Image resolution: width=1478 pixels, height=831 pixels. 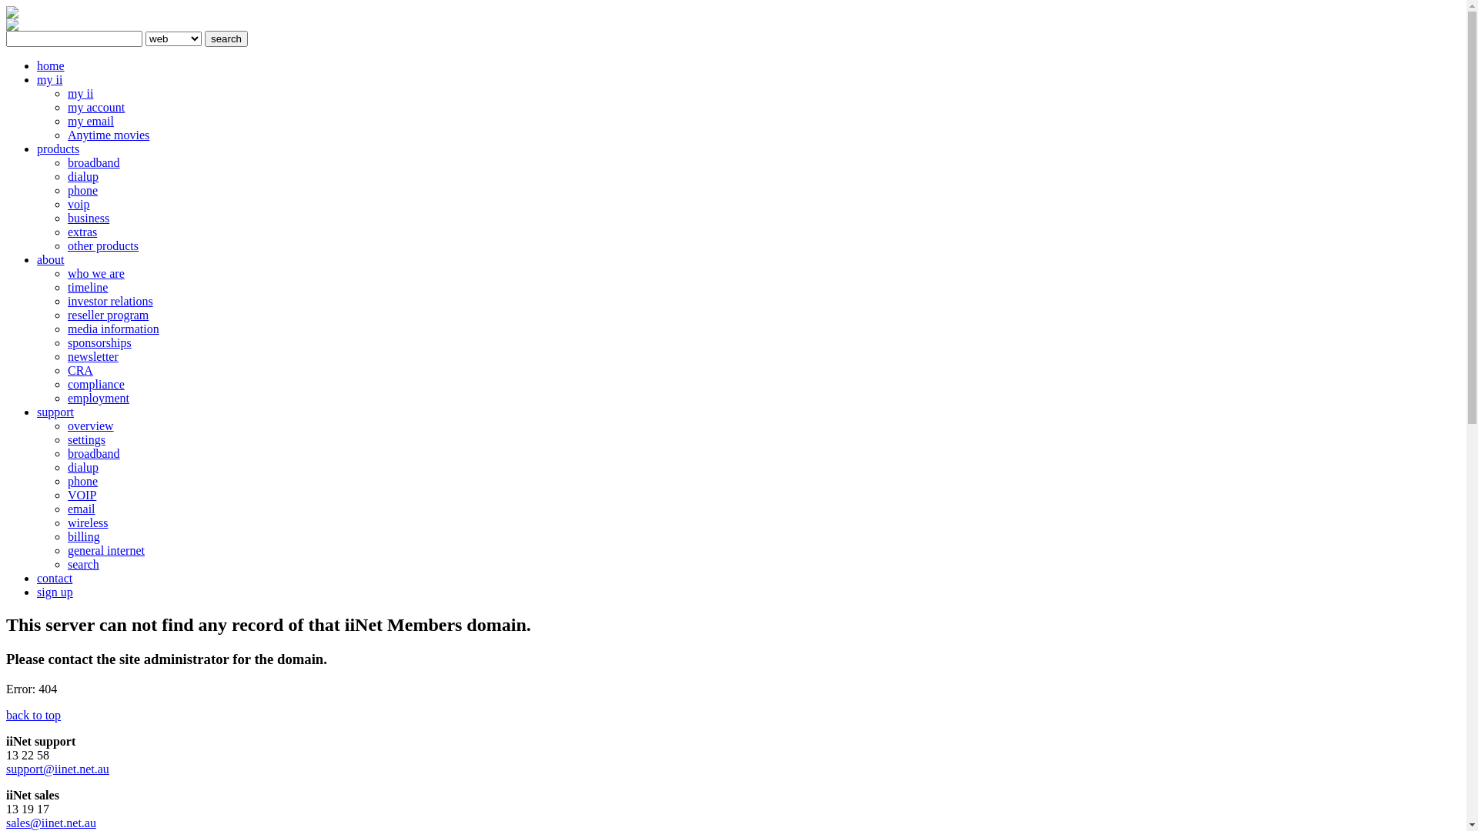 What do you see at coordinates (51, 259) in the screenshot?
I see `'about'` at bounding box center [51, 259].